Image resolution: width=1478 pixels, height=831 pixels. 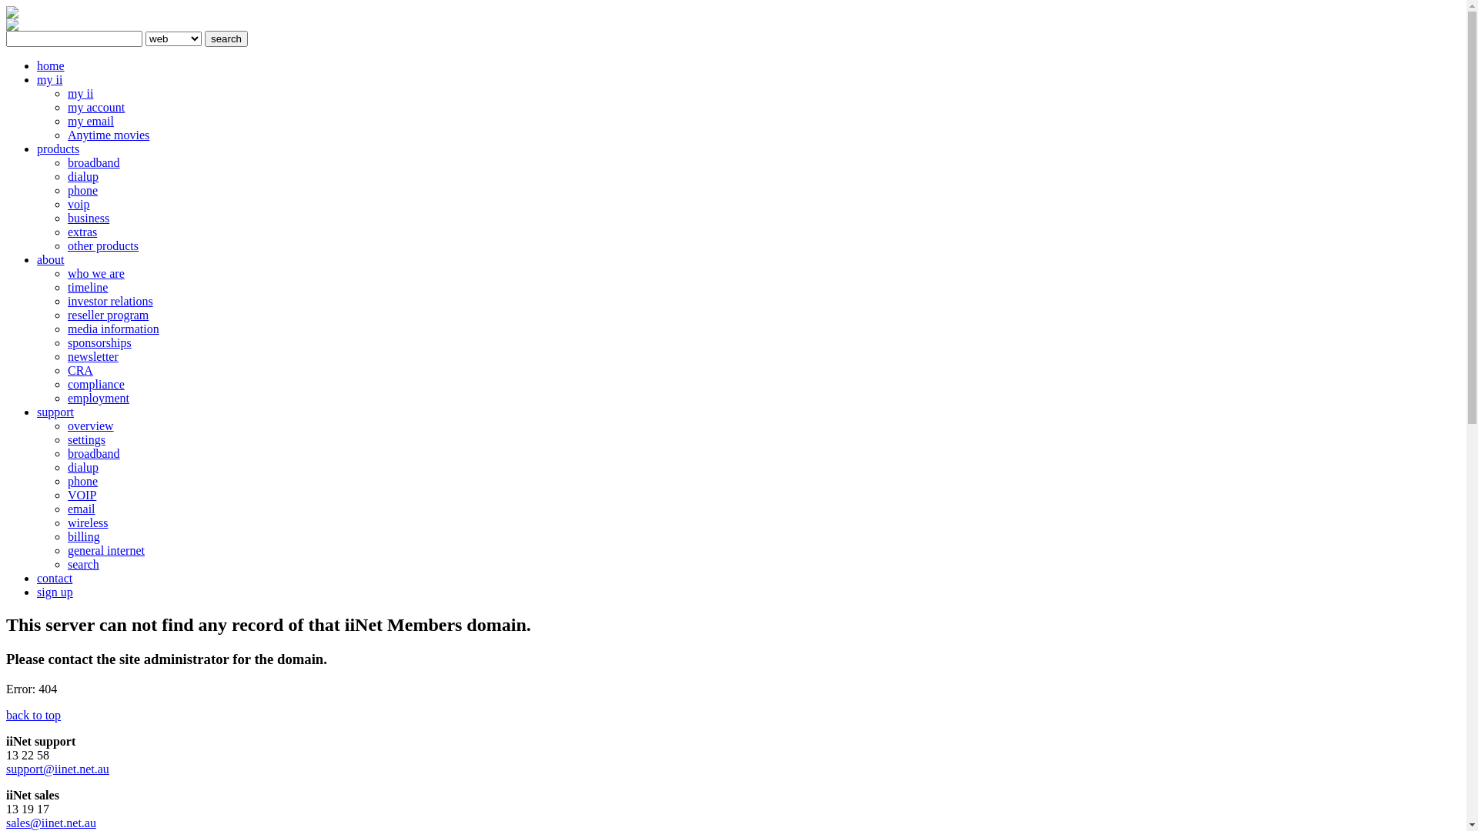 What do you see at coordinates (51, 259) in the screenshot?
I see `'about'` at bounding box center [51, 259].